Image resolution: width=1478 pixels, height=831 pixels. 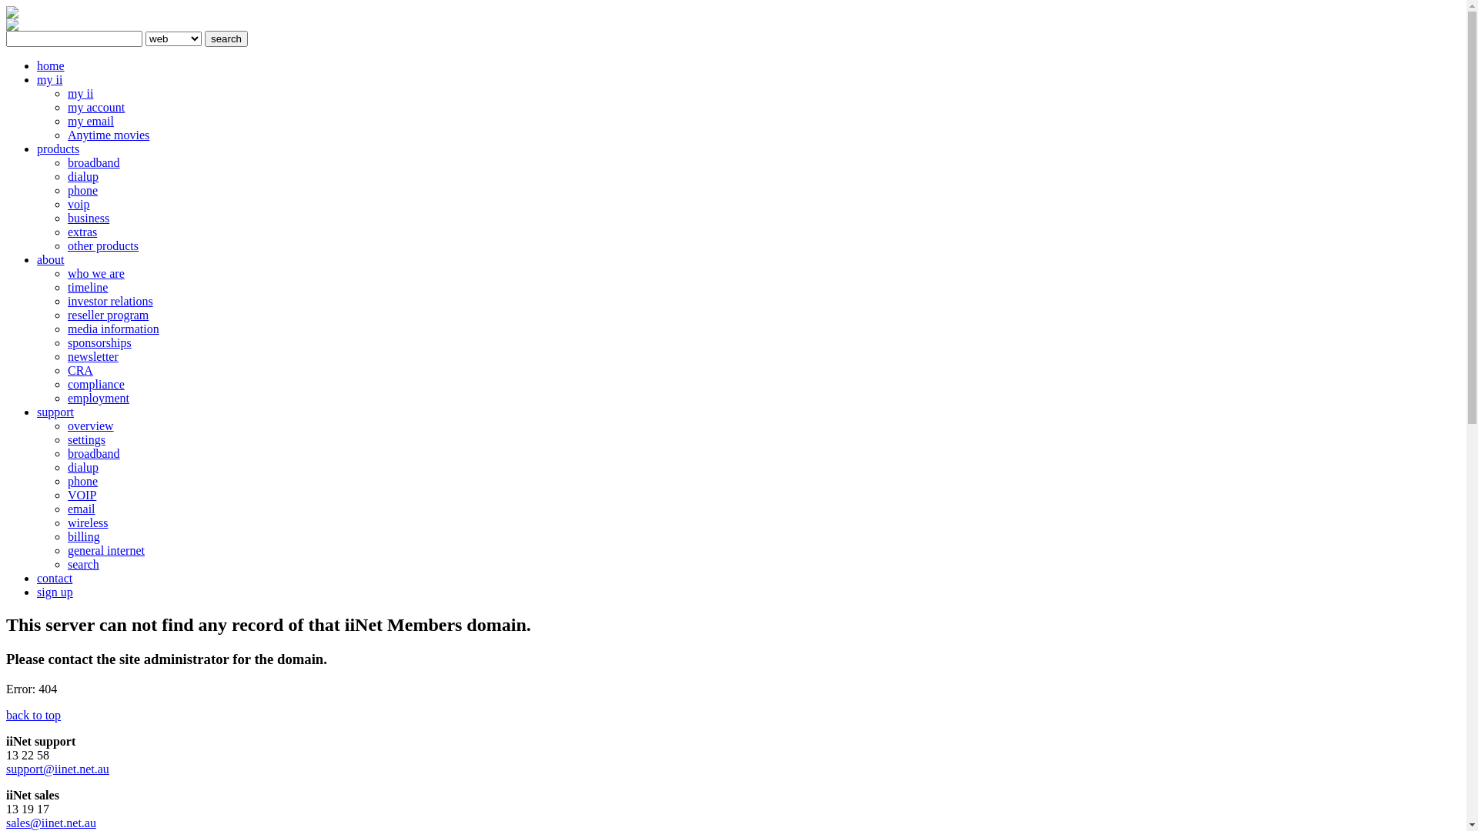 What do you see at coordinates (51, 259) in the screenshot?
I see `'about'` at bounding box center [51, 259].